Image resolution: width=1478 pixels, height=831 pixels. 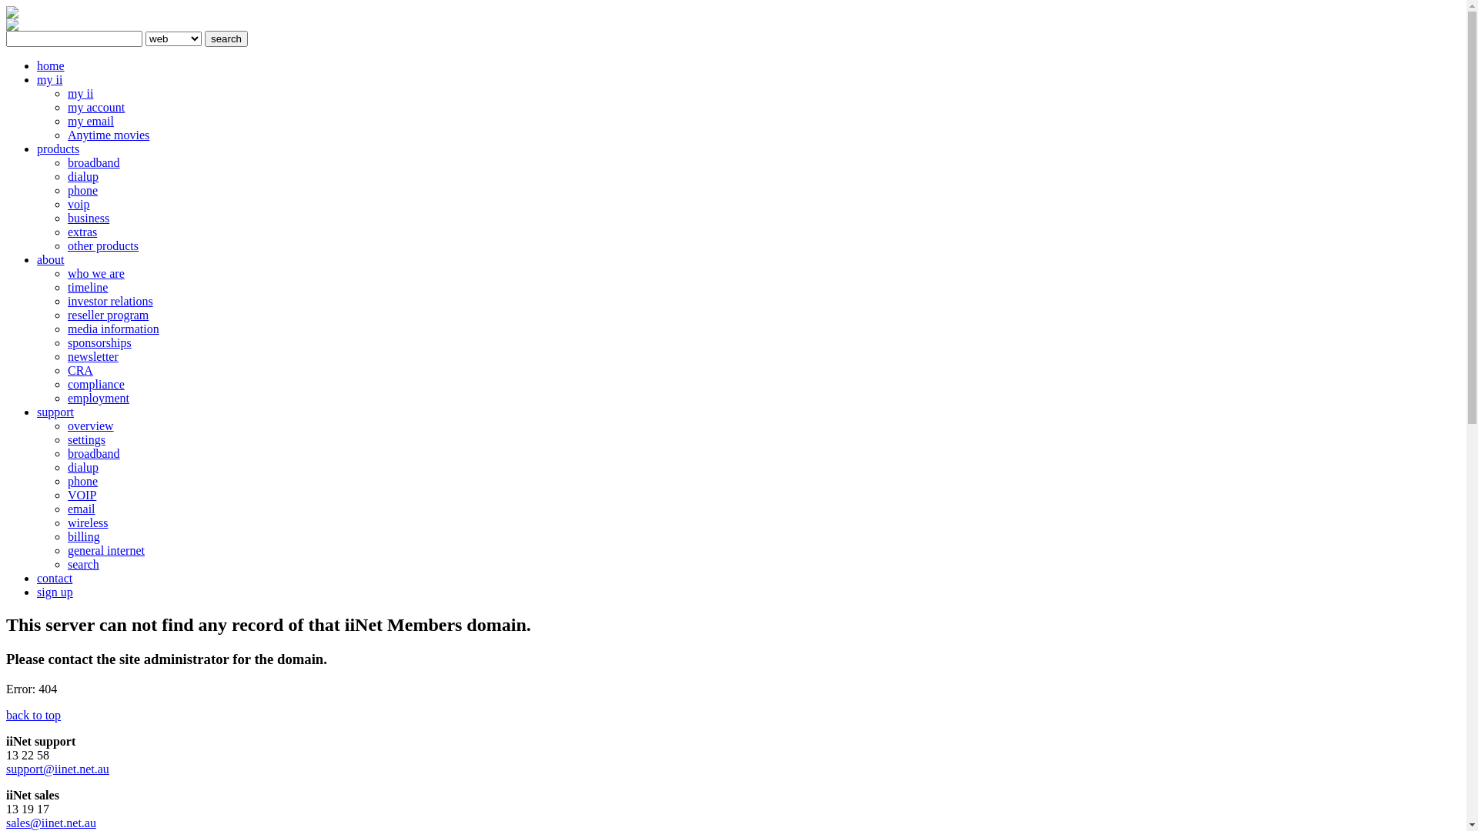 What do you see at coordinates (51, 259) in the screenshot?
I see `'about'` at bounding box center [51, 259].